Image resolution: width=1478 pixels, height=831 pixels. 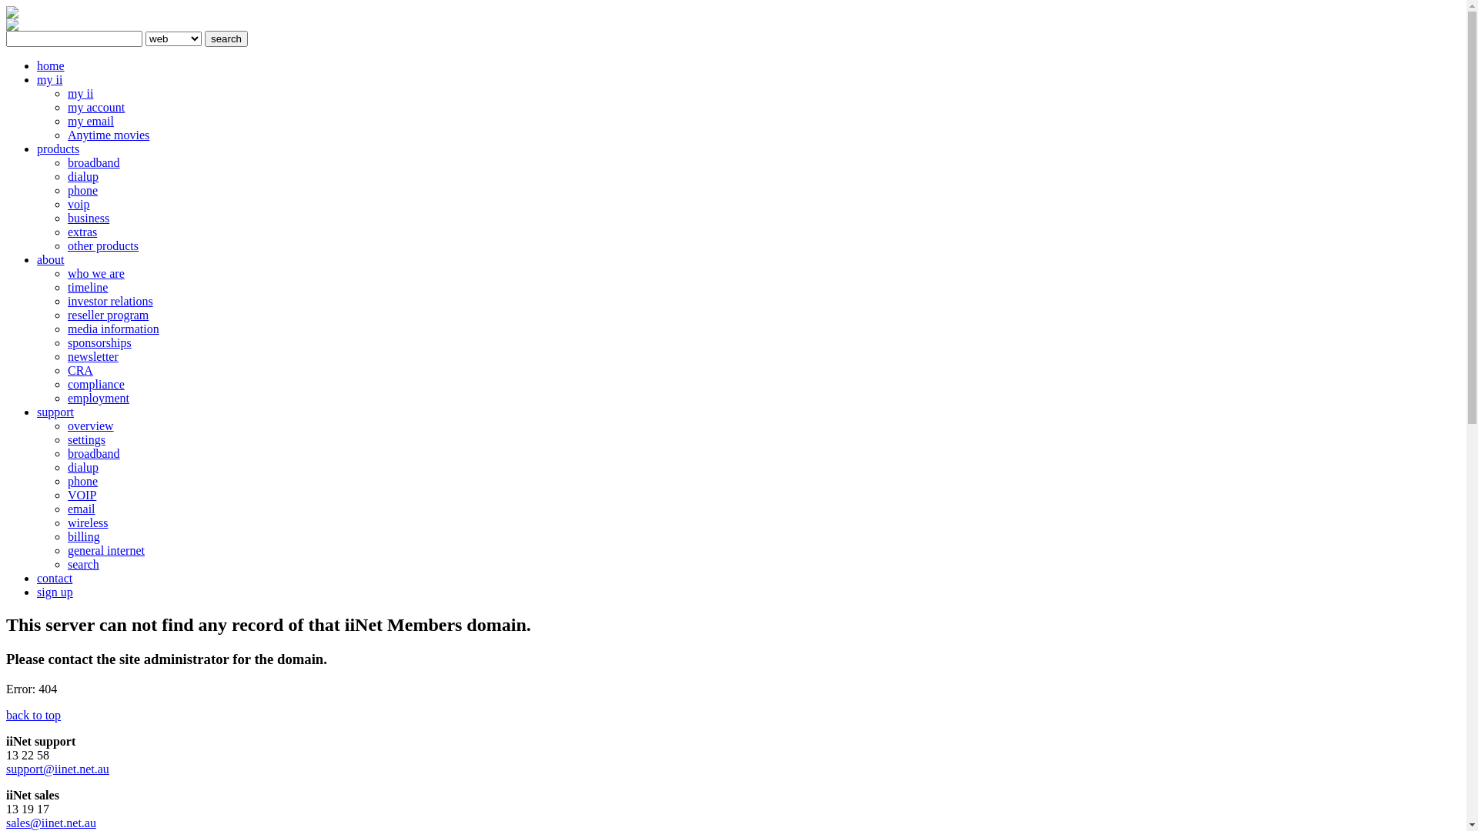 What do you see at coordinates (51, 259) in the screenshot?
I see `'about'` at bounding box center [51, 259].